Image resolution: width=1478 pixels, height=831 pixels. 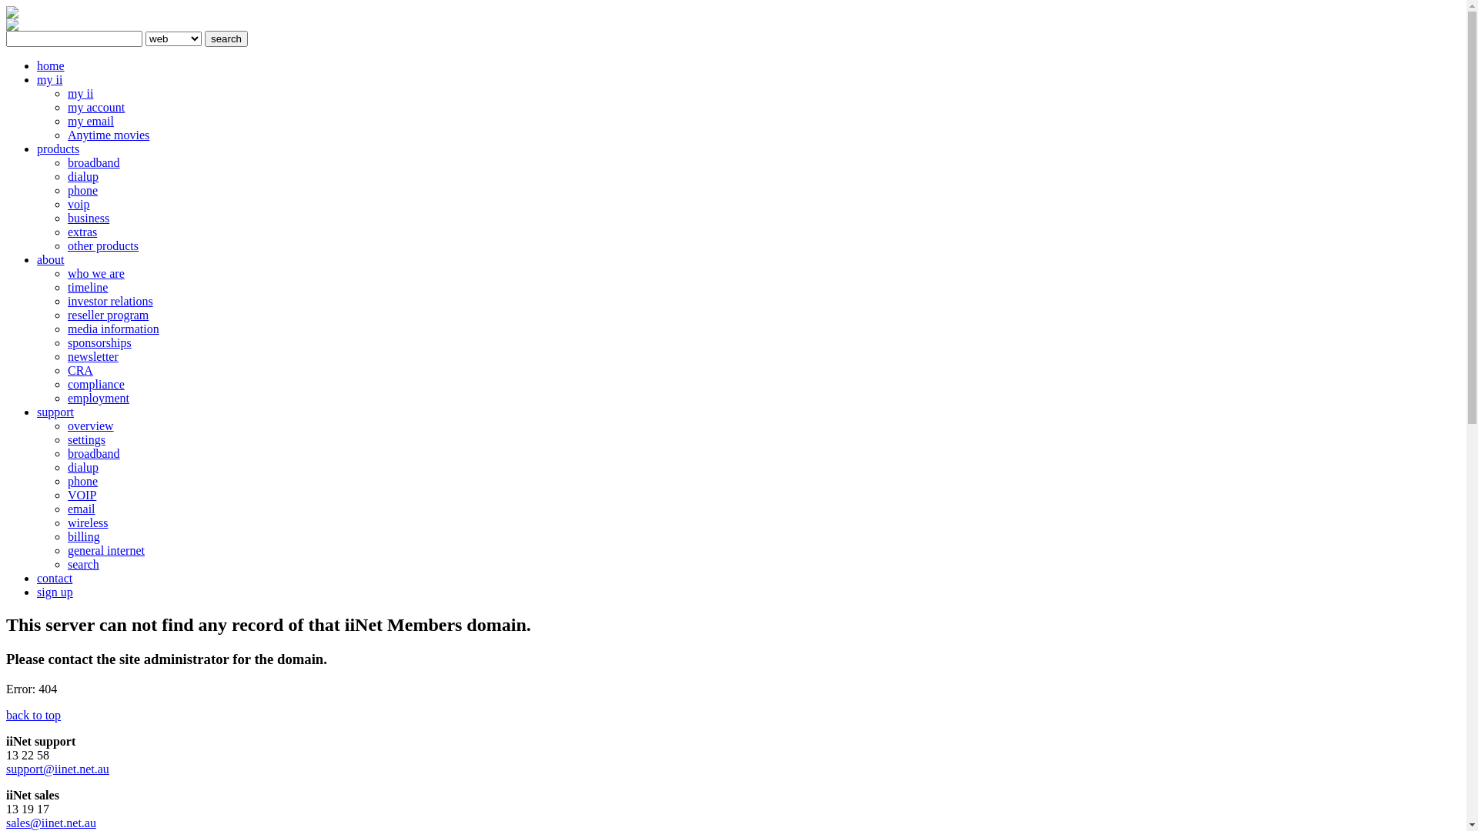 What do you see at coordinates (51, 259) in the screenshot?
I see `'about'` at bounding box center [51, 259].